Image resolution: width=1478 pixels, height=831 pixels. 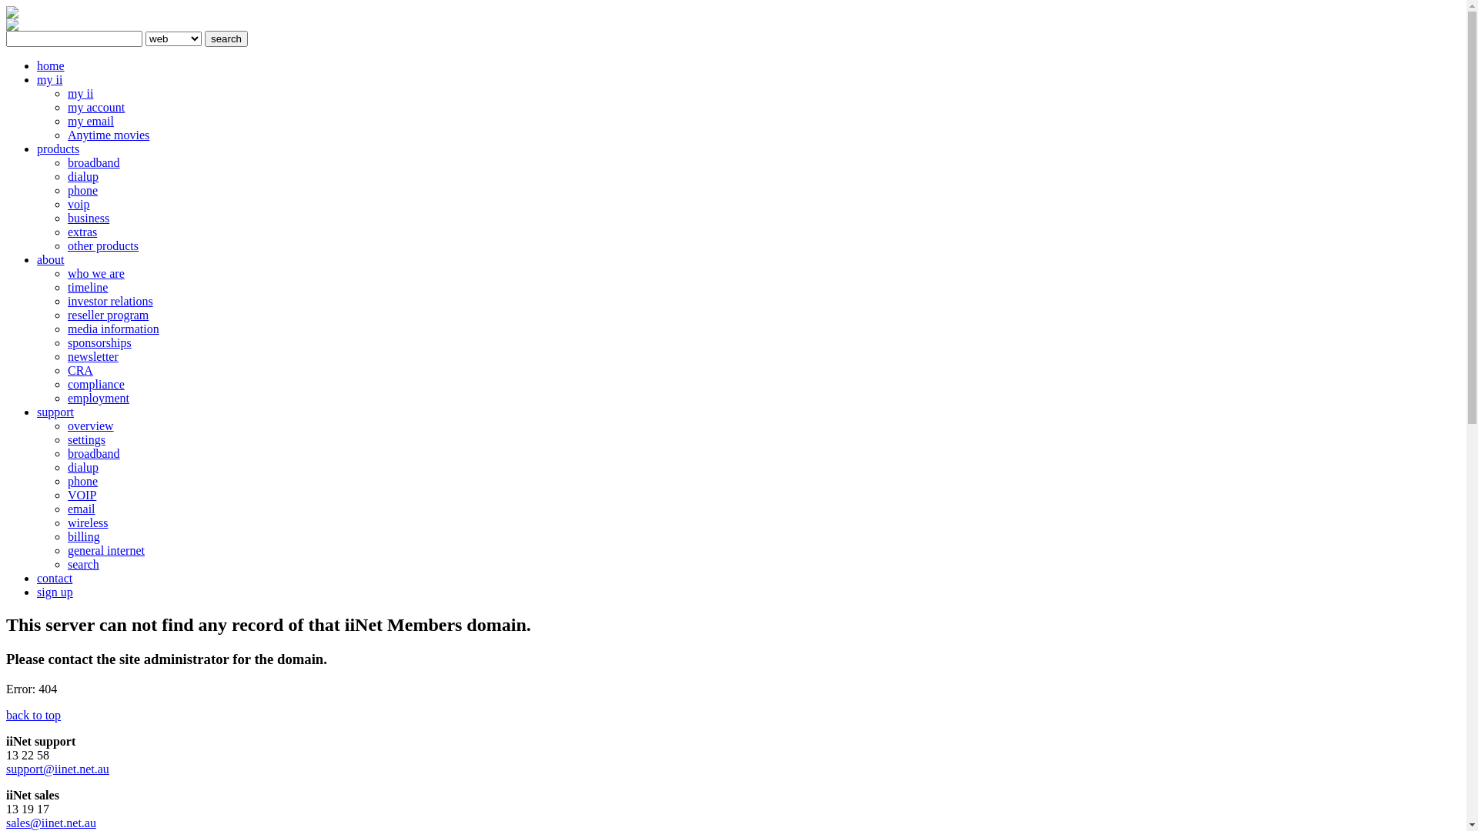 What do you see at coordinates (51, 259) in the screenshot?
I see `'about'` at bounding box center [51, 259].